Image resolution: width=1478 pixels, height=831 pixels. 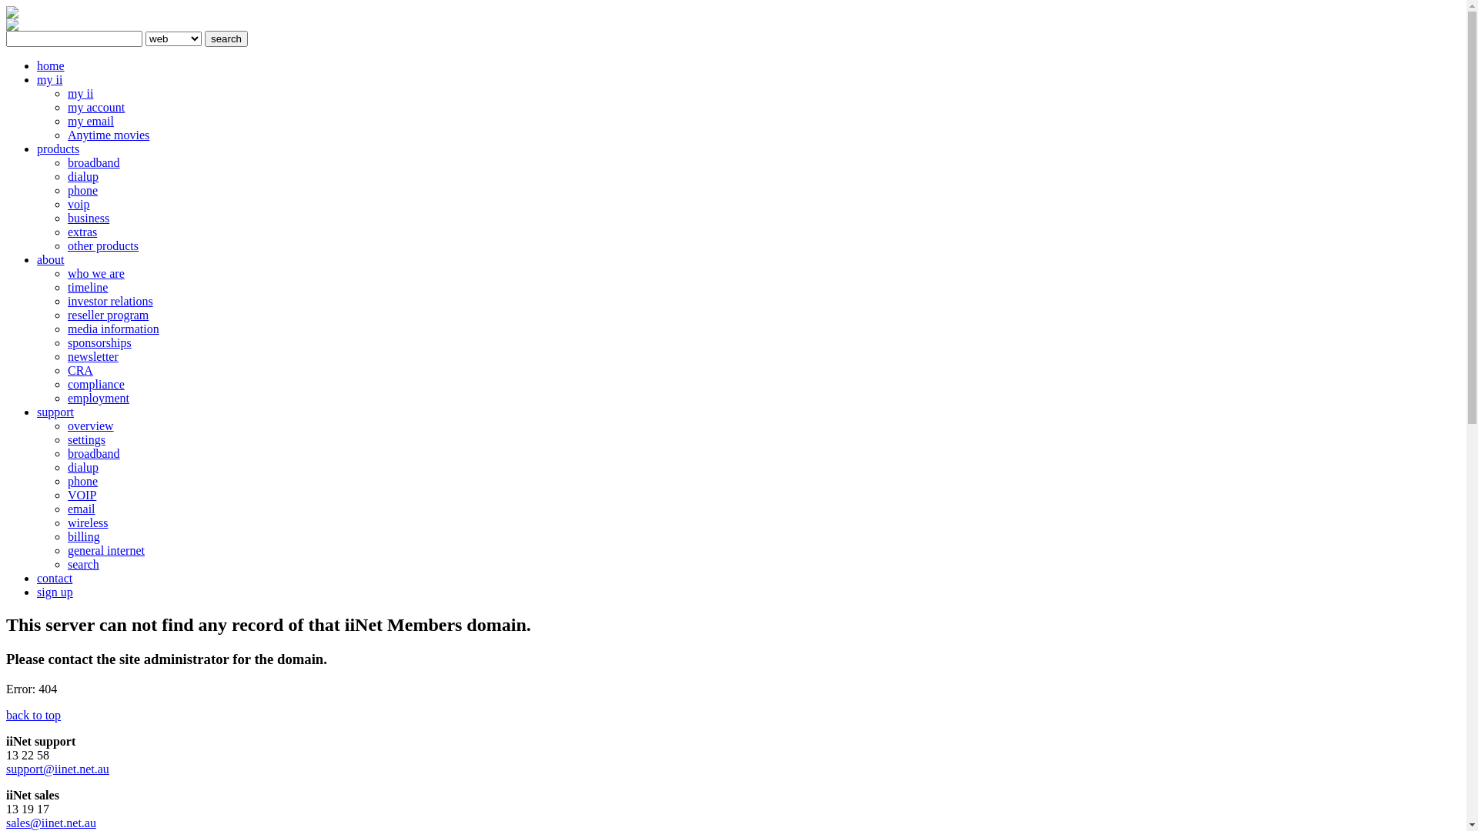 What do you see at coordinates (51, 259) in the screenshot?
I see `'about'` at bounding box center [51, 259].